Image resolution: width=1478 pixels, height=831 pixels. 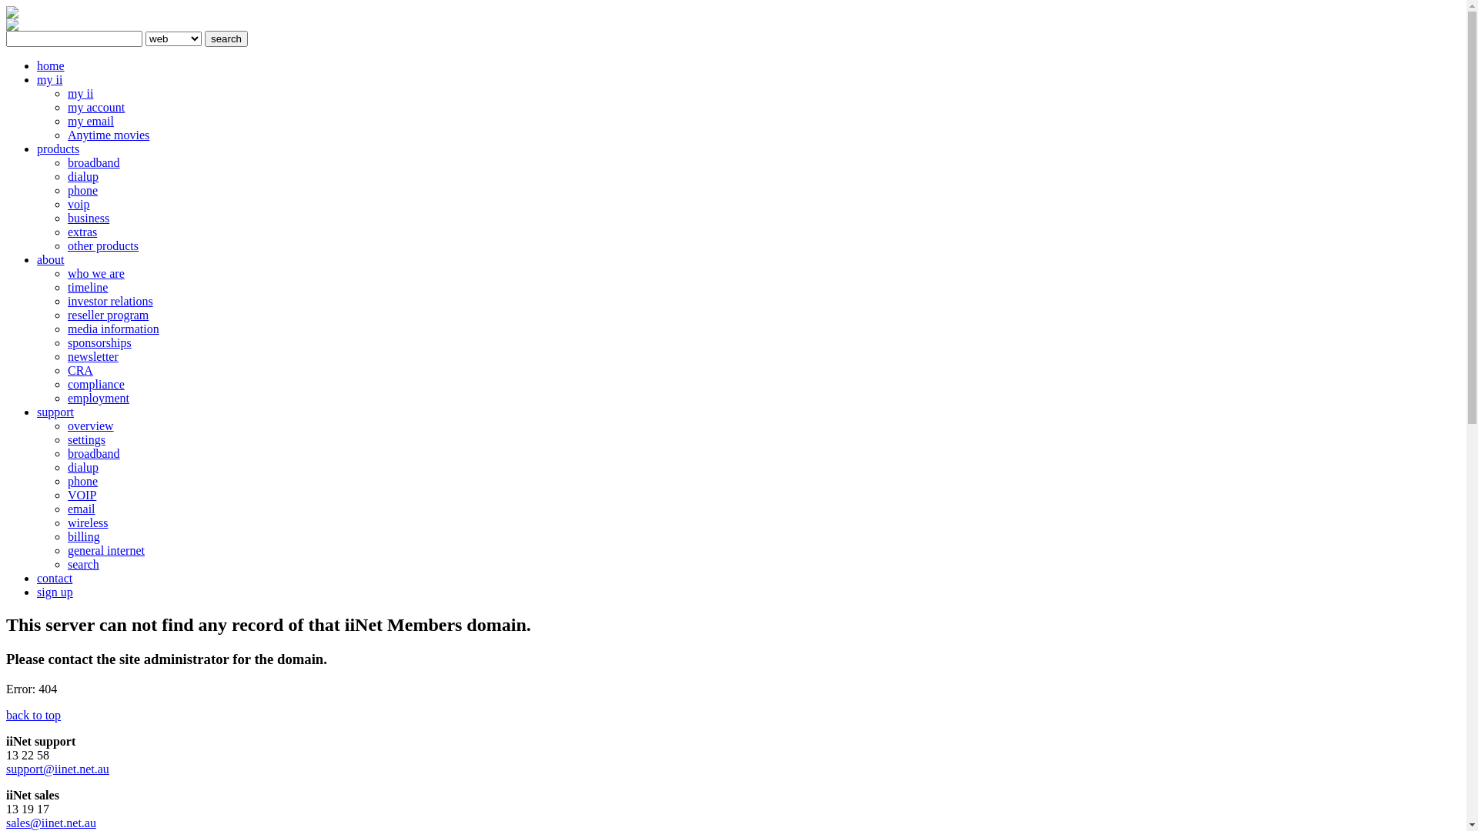 What do you see at coordinates (51, 259) in the screenshot?
I see `'about'` at bounding box center [51, 259].